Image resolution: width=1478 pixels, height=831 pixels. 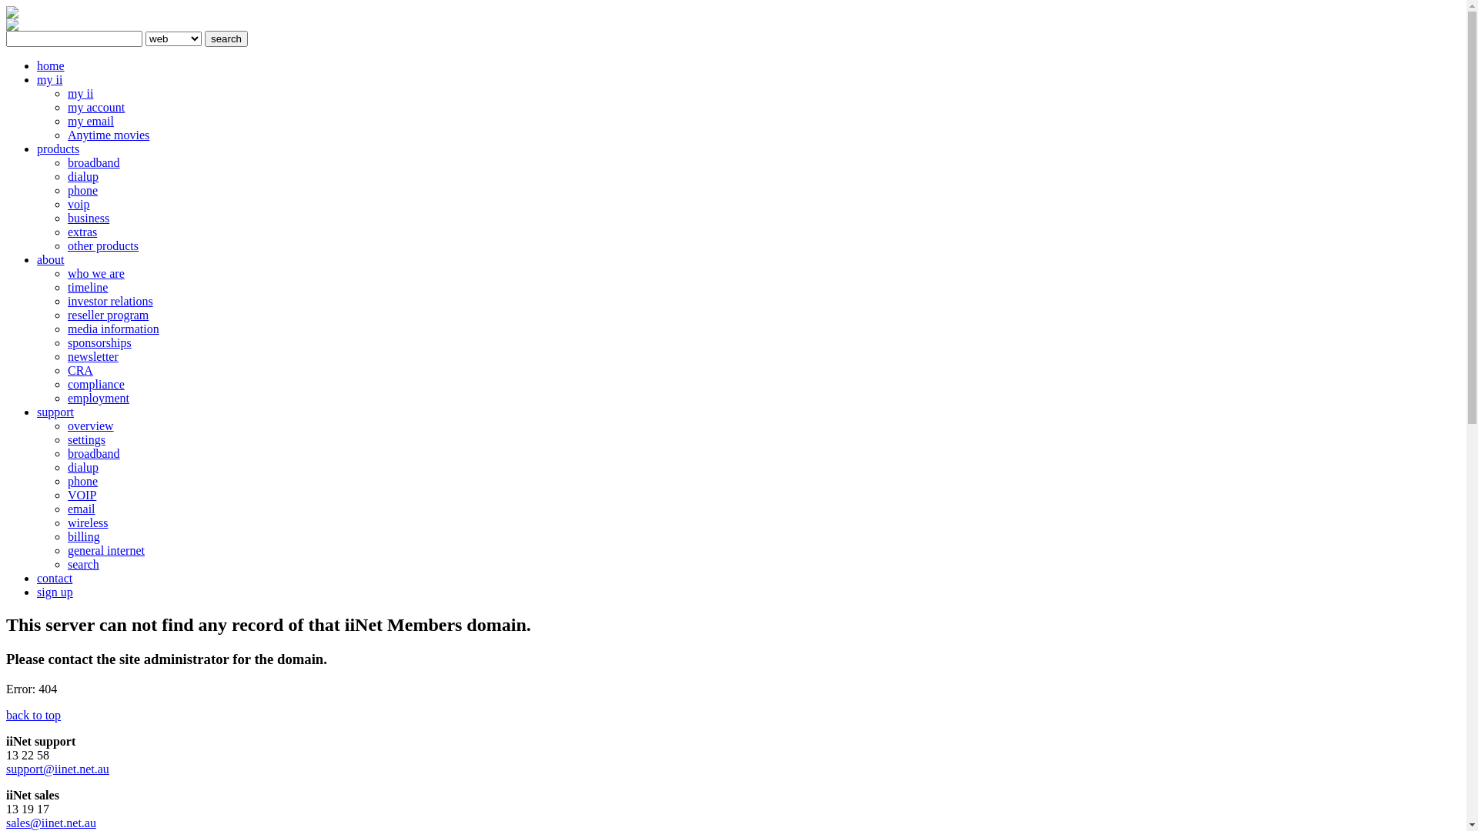 What do you see at coordinates (51, 259) in the screenshot?
I see `'about'` at bounding box center [51, 259].